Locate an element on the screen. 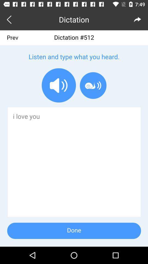 Image resolution: width=148 pixels, height=264 pixels. the redo icon is located at coordinates (137, 19).